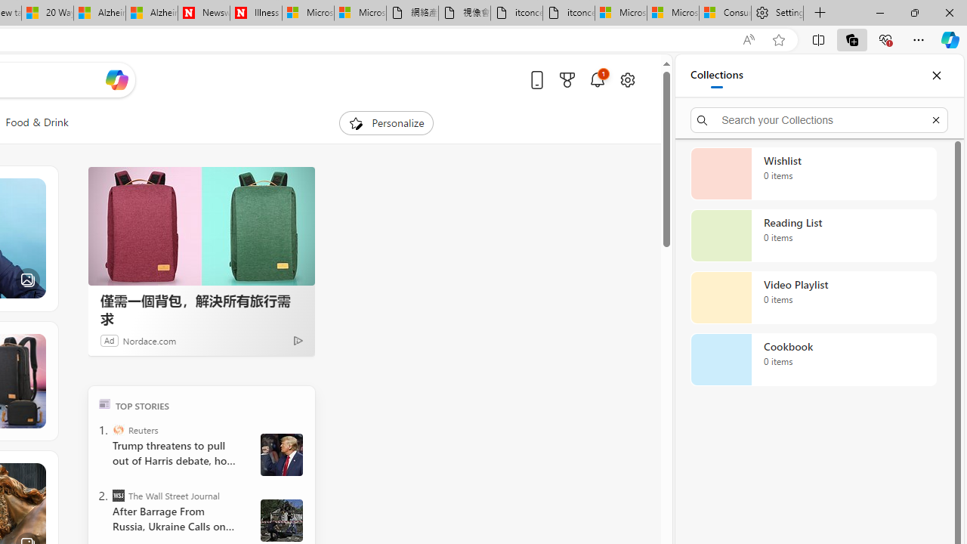  I want to click on 'Open Copilot', so click(116, 79).